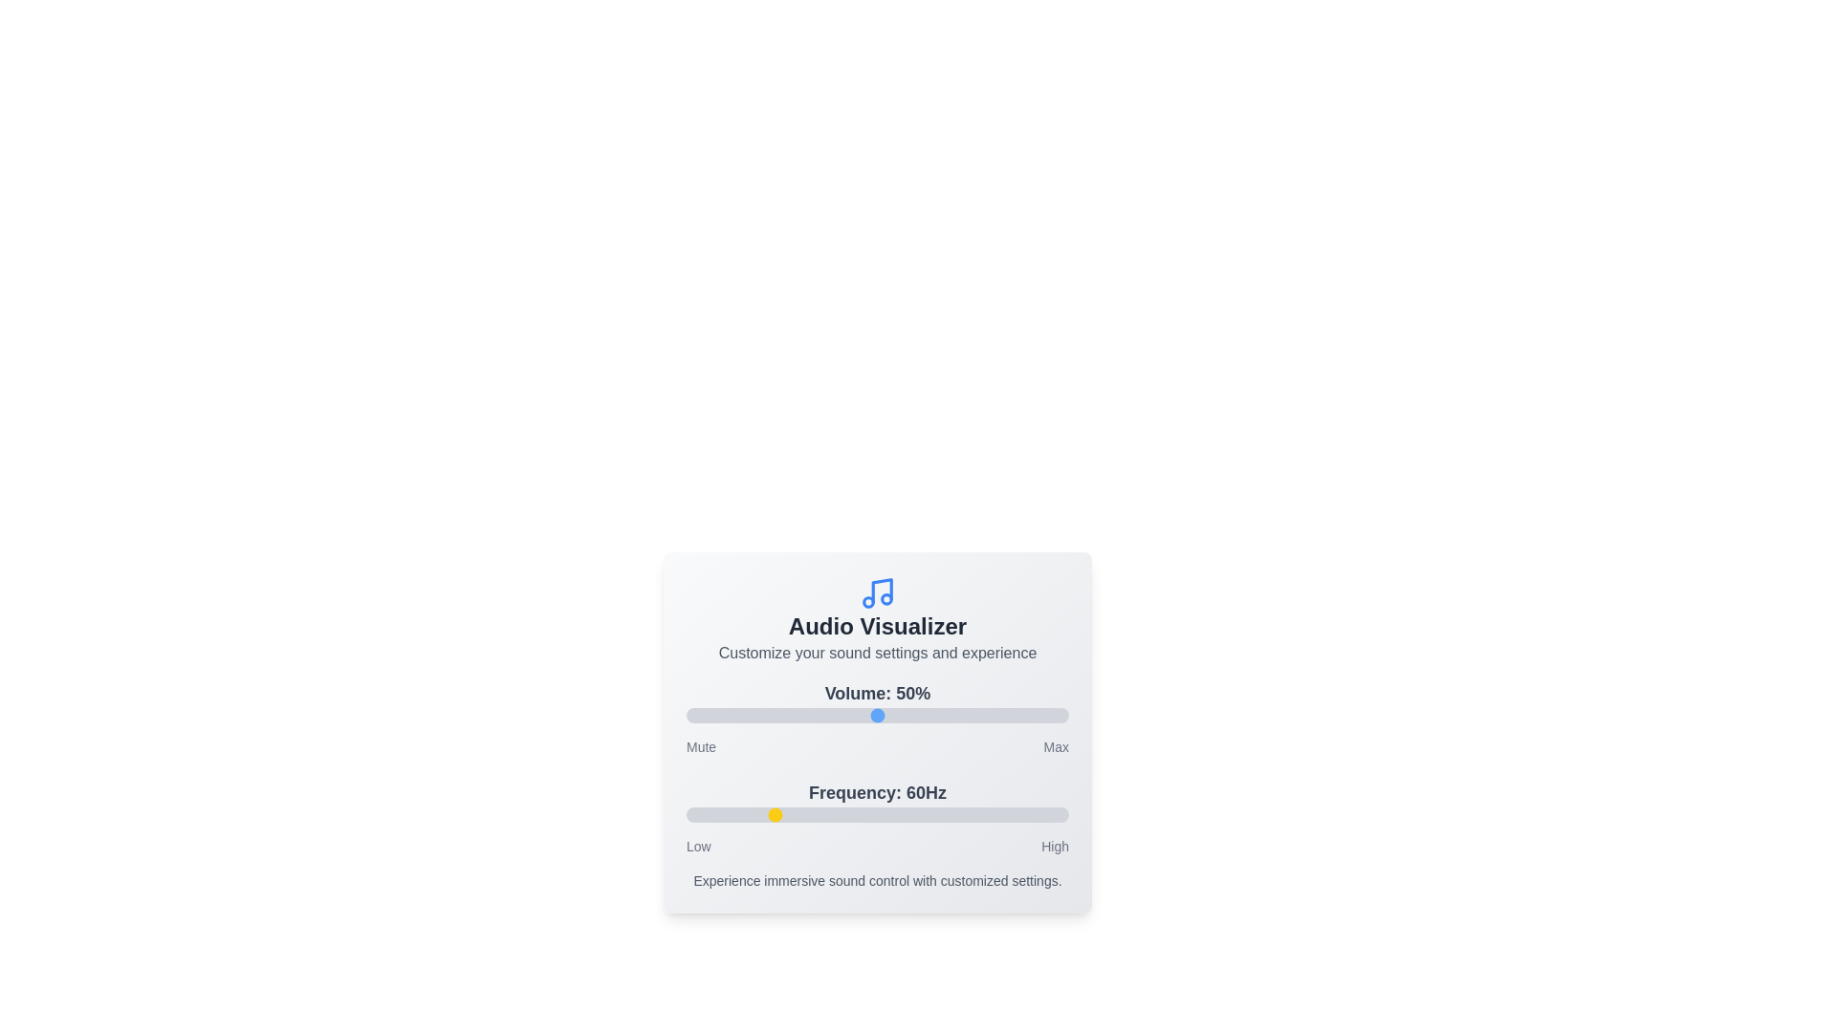 The height and width of the screenshot is (1032, 1836). I want to click on the frequency slider to 63 Hz, so click(777, 814).